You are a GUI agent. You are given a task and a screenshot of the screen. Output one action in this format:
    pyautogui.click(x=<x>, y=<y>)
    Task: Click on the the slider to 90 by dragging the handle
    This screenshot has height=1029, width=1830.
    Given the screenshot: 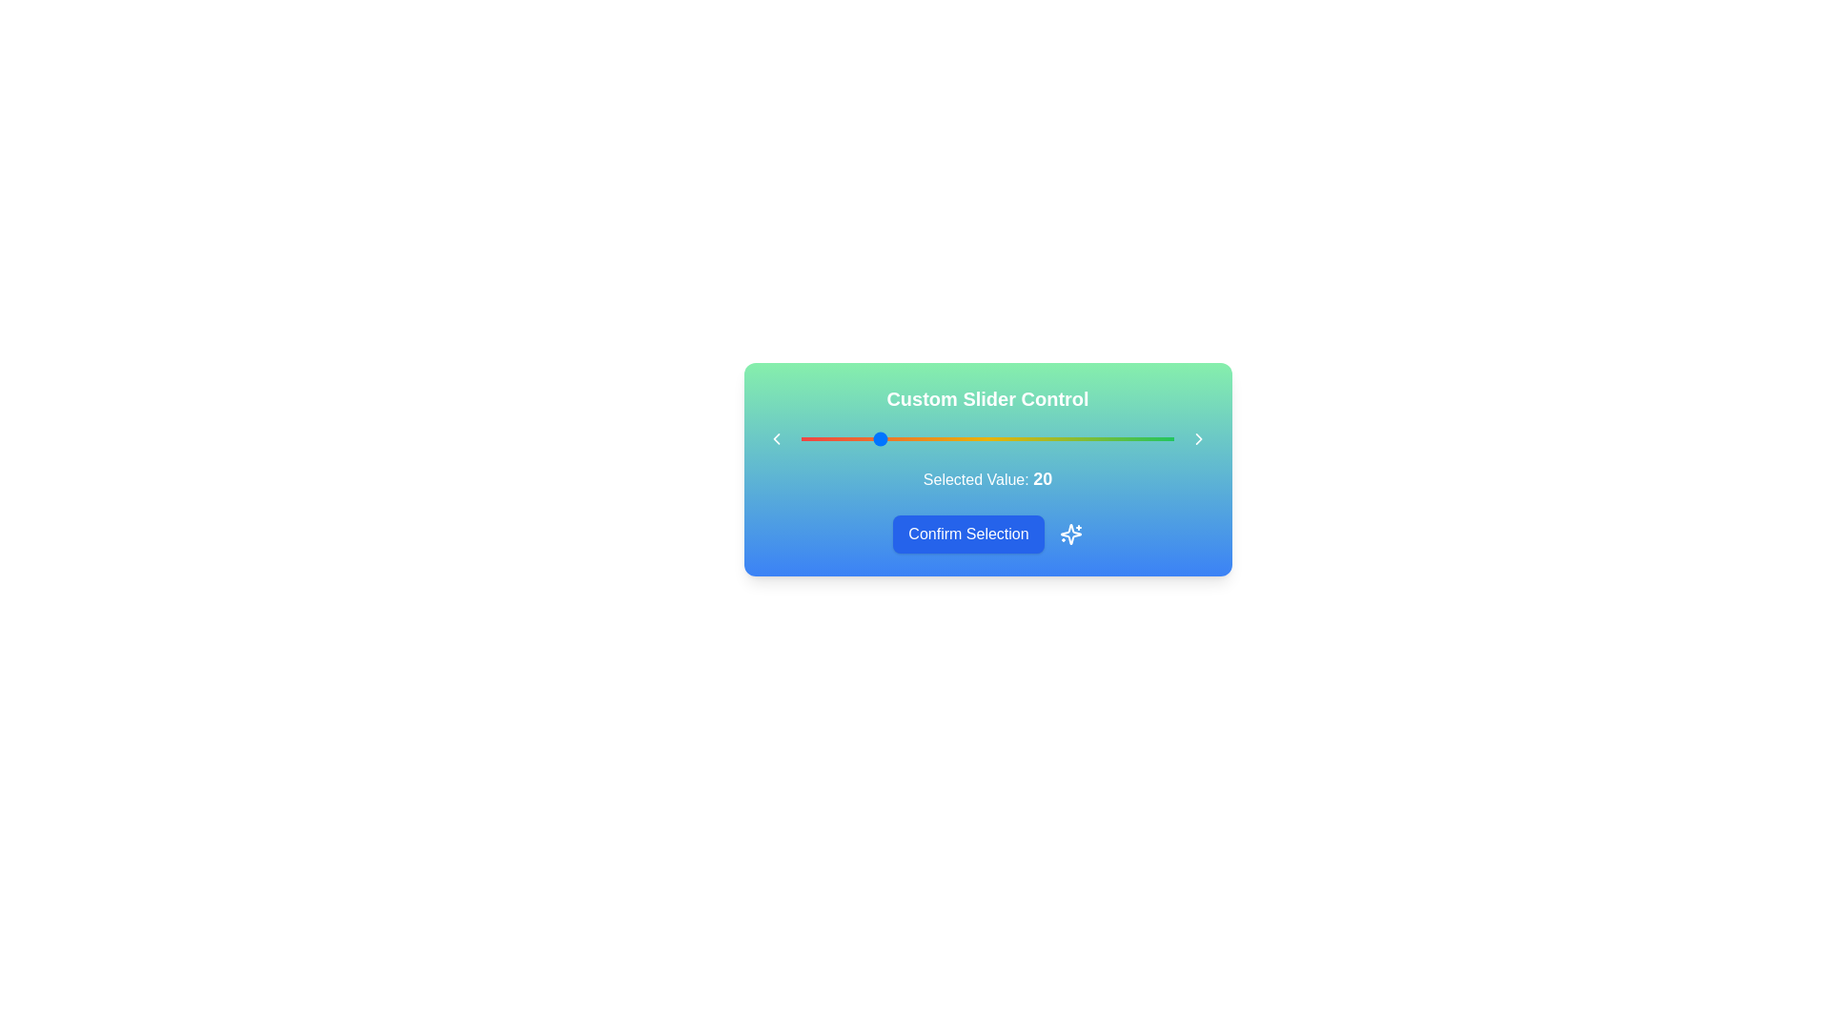 What is the action you would take?
    pyautogui.click(x=1137, y=439)
    